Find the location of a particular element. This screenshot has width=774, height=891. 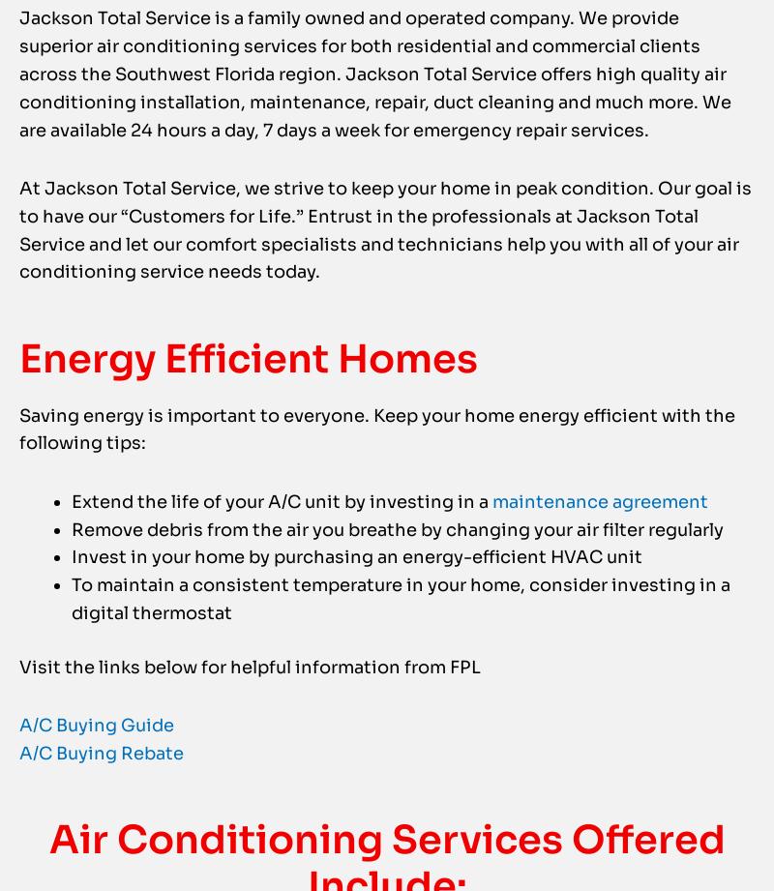

'Jackson Total Service is a family owned and operated company. We provide superior air conditioning services for both residential and commercial clients across the Southwest Florida region. Jackson Total Service offers high quality air conditioning installation, maintenance, repair, duct cleaning and much more. We are available 24 hours a day, 7 days a week for emergency repair services.' is located at coordinates (374, 113).